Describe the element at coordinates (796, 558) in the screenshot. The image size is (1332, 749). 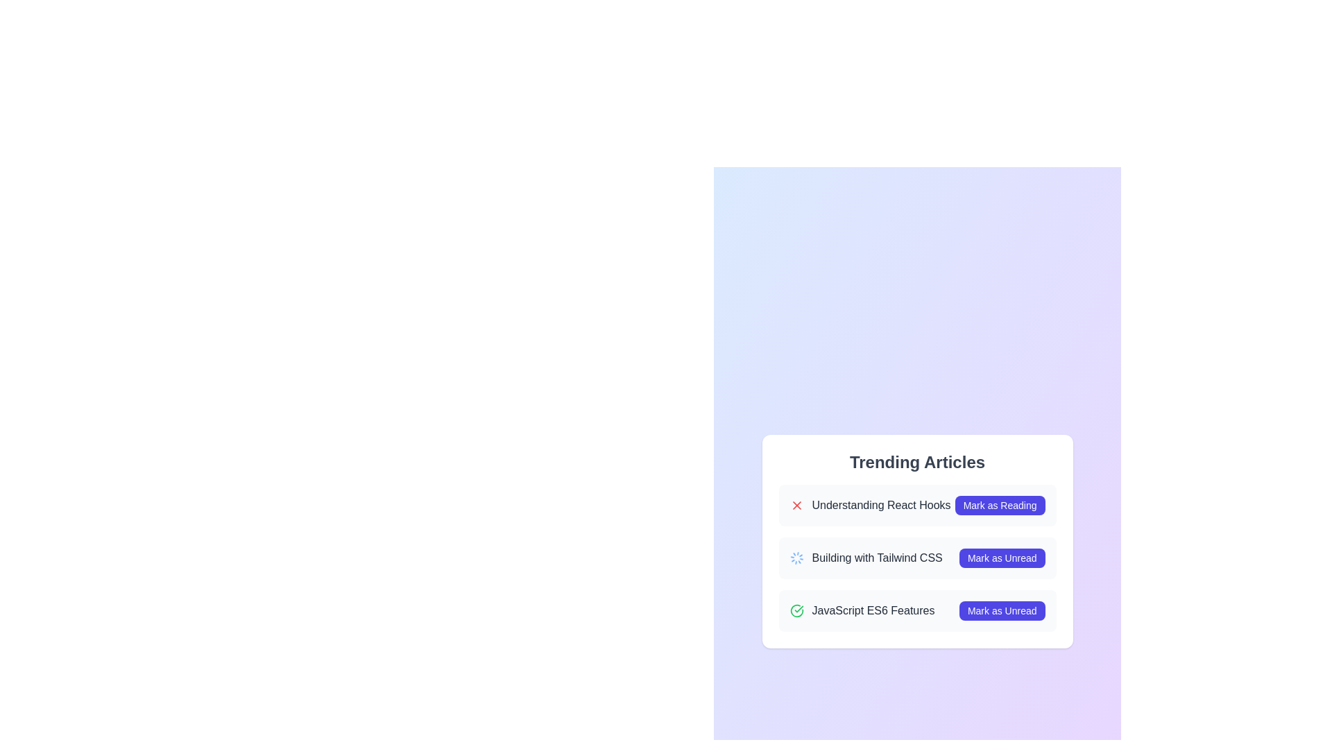
I see `the Loader icon located to the left of the text 'Building with Tailwind CSS' in the 'Trending Articles' section to indicate a loading state` at that location.